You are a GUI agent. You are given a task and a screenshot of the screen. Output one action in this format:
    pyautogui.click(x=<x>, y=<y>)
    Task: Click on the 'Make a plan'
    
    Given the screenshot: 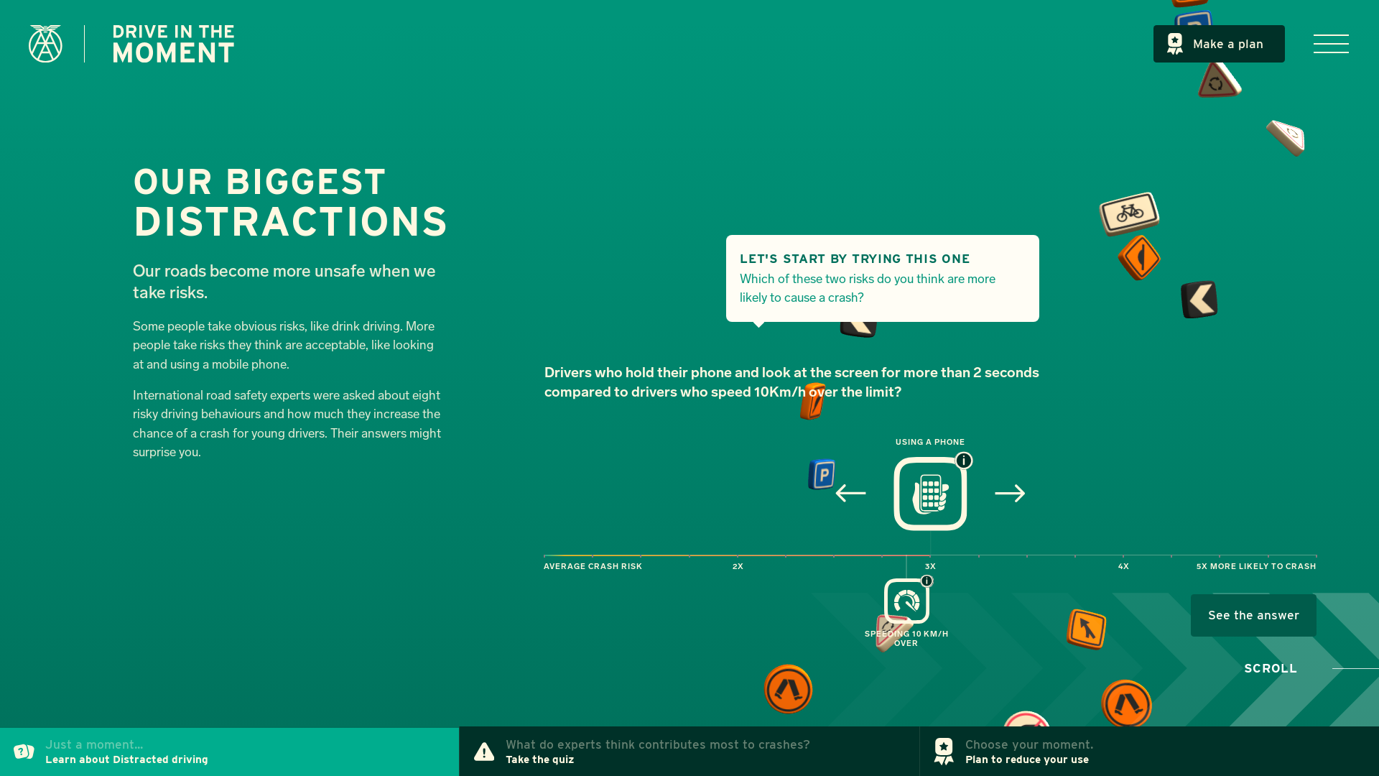 What is the action you would take?
    pyautogui.click(x=1219, y=43)
    